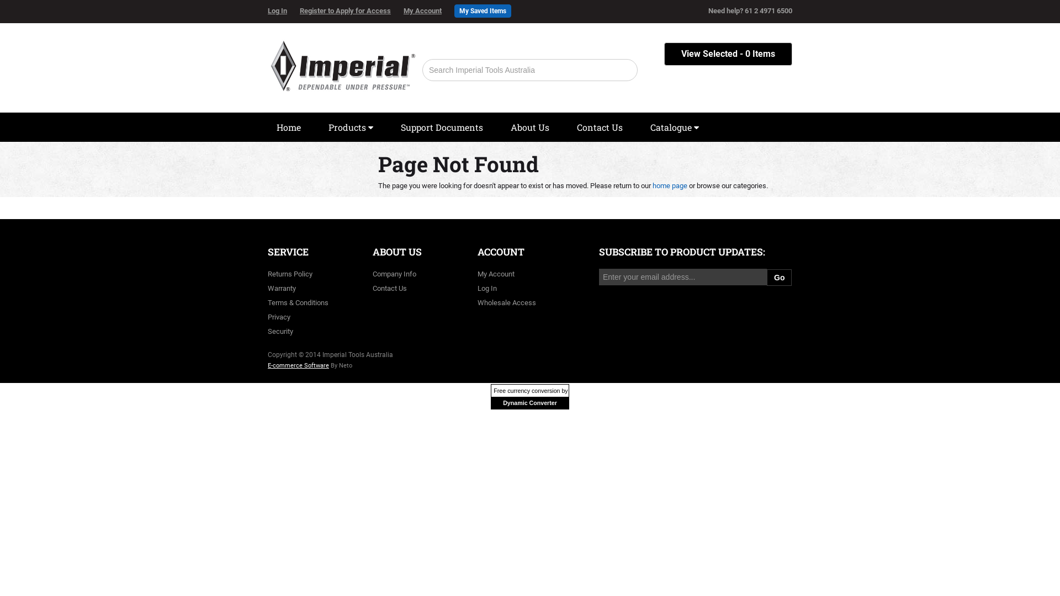  I want to click on 'Log In', so click(486, 288).